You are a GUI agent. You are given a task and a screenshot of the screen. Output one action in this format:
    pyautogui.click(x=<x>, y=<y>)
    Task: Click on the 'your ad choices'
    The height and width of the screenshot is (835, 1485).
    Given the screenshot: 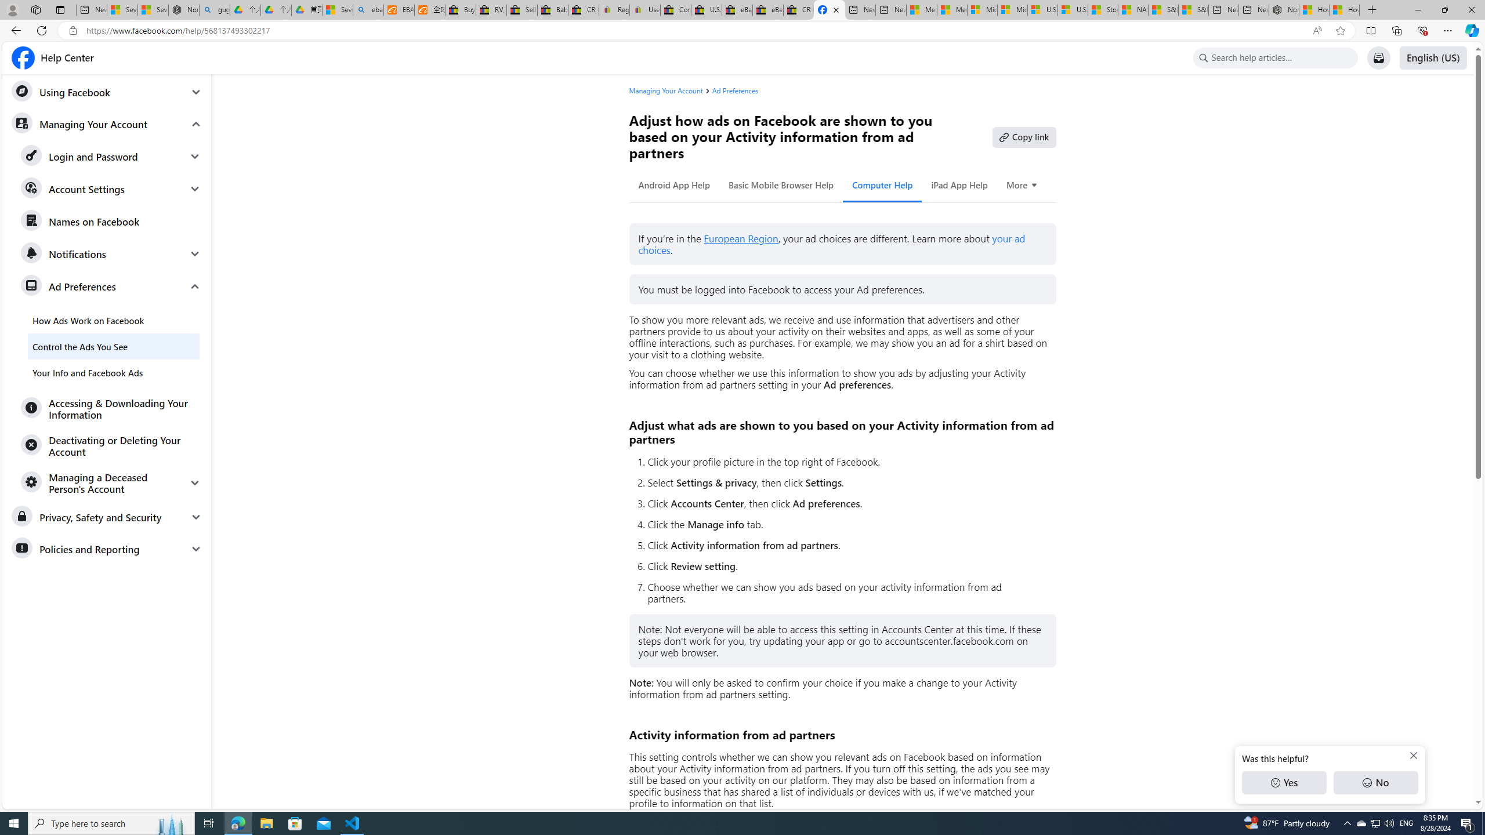 What is the action you would take?
    pyautogui.click(x=832, y=244)
    